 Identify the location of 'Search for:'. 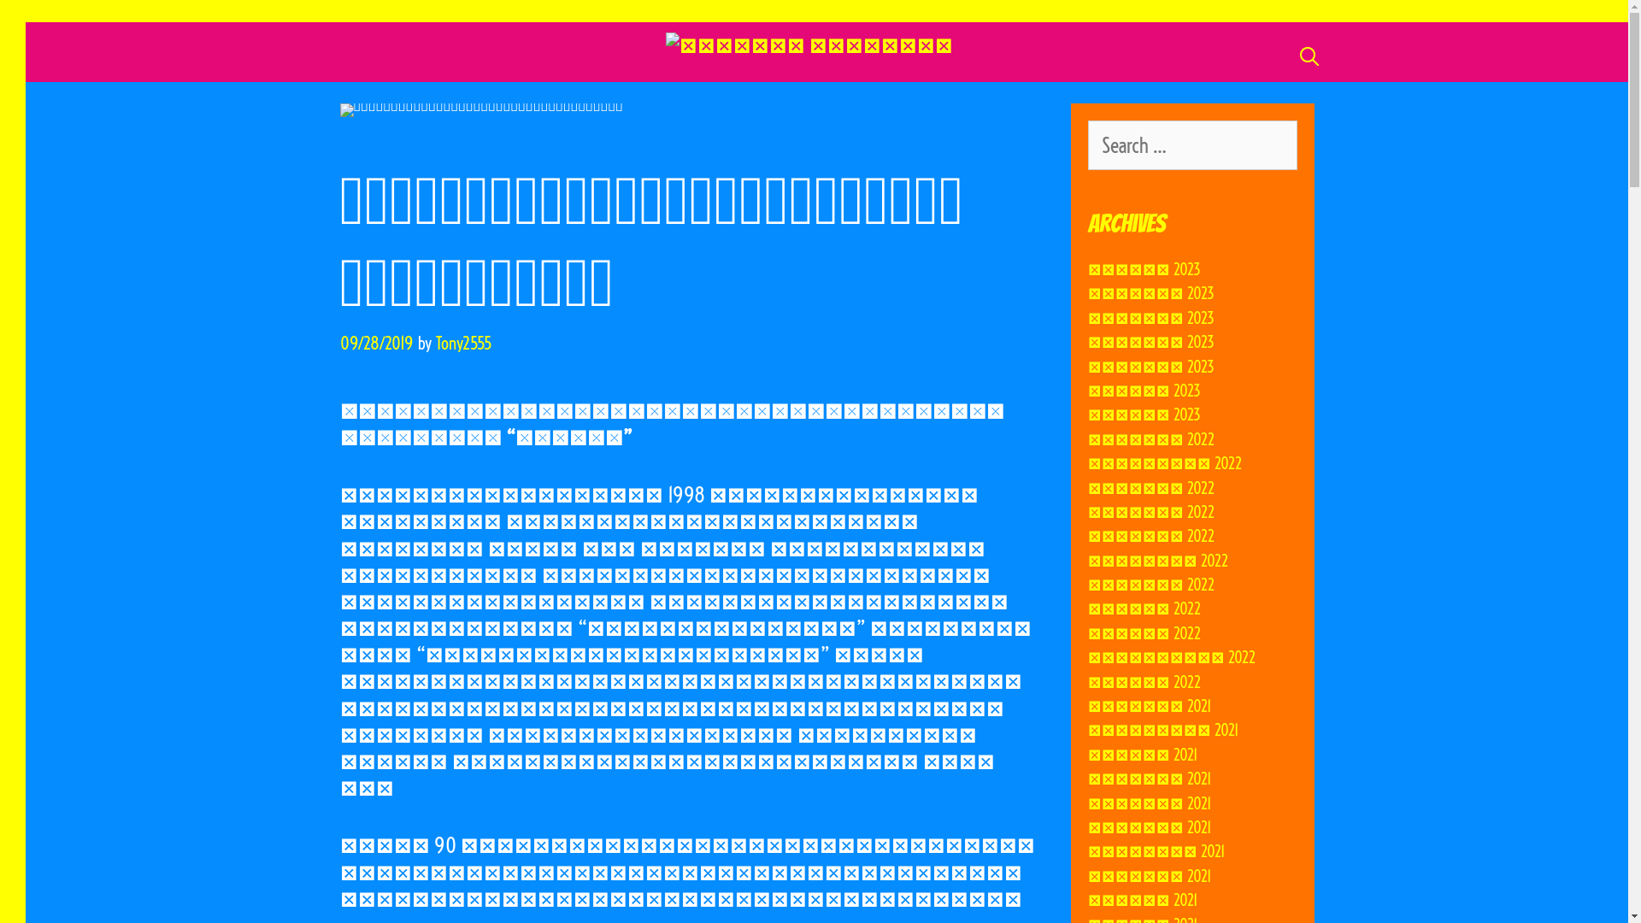
(1191, 144).